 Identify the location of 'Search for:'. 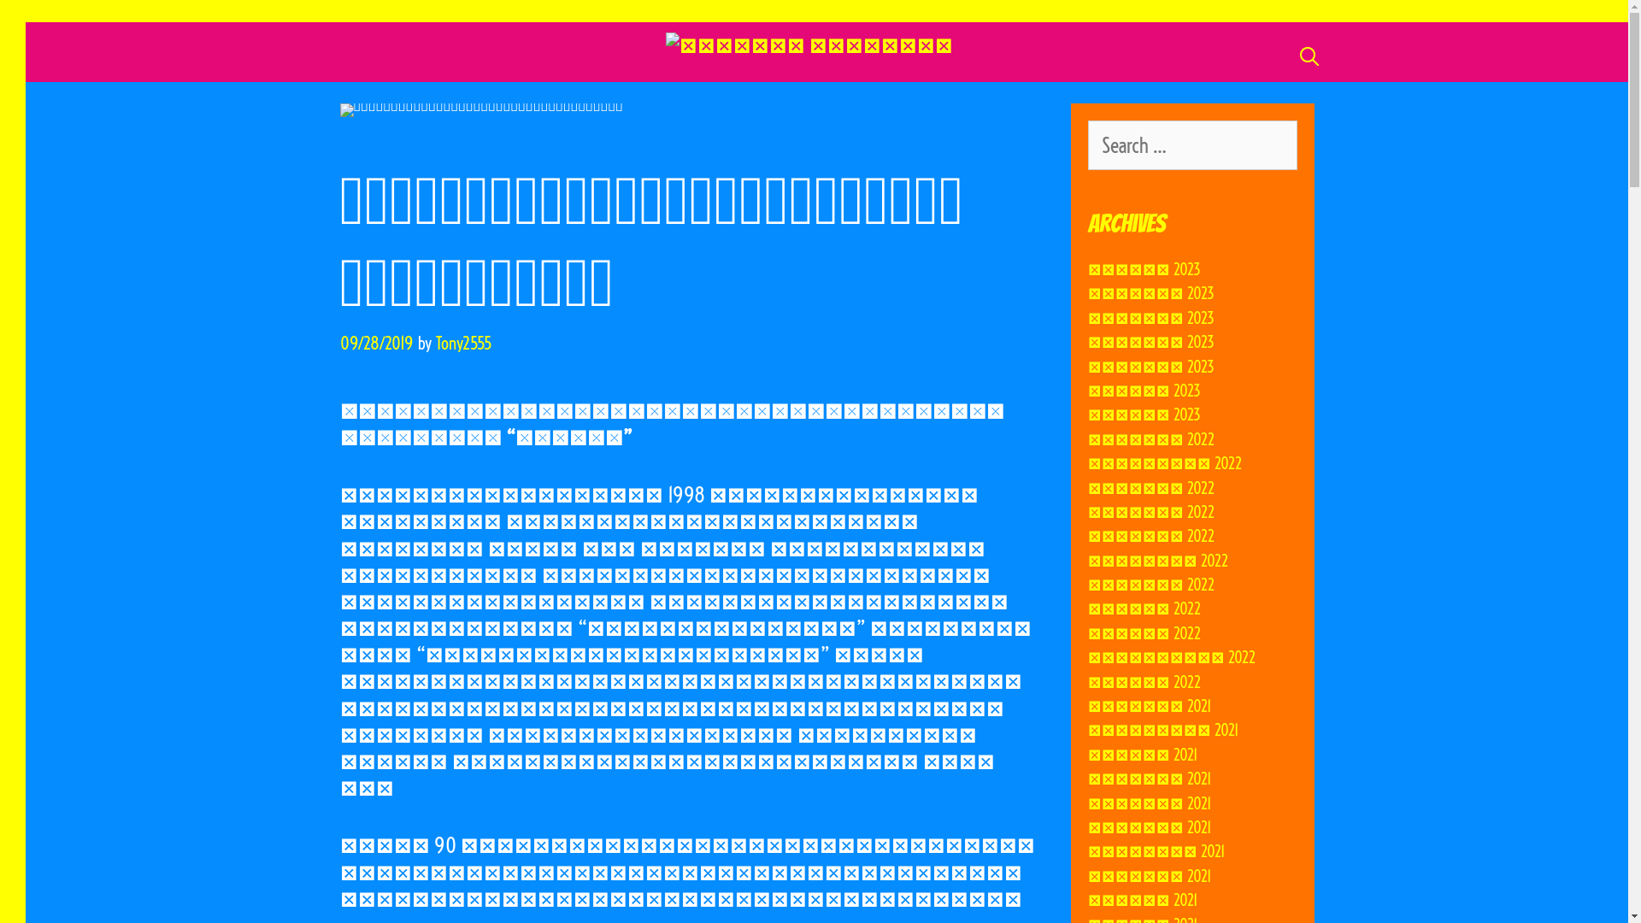
(1191, 144).